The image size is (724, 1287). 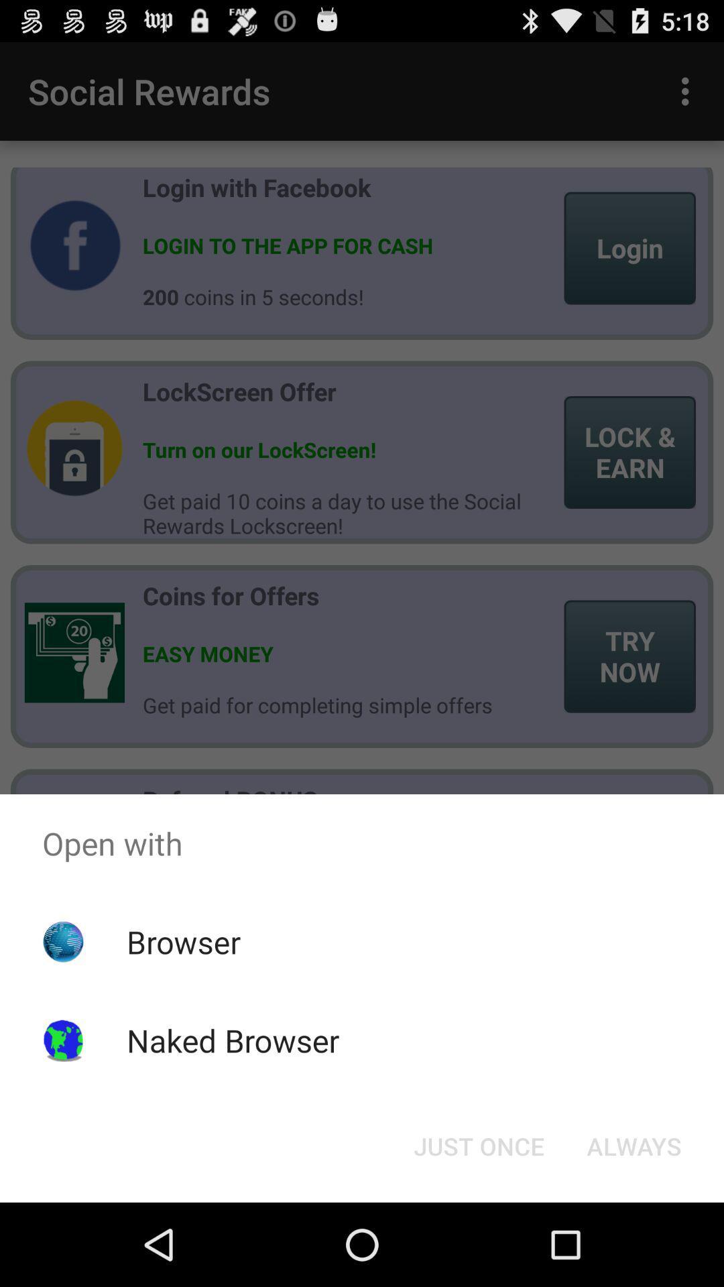 I want to click on the just once, so click(x=478, y=1145).